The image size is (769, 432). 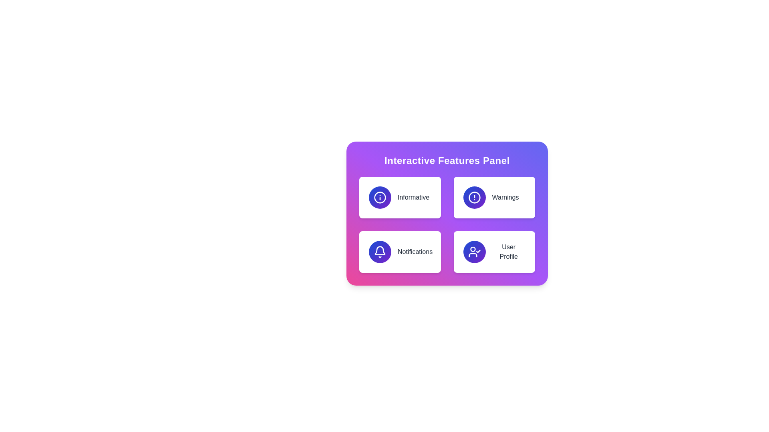 What do you see at coordinates (474, 251) in the screenshot?
I see `the User Profile button located in the bottom-right quadrant of the Interactive Features Panel` at bounding box center [474, 251].